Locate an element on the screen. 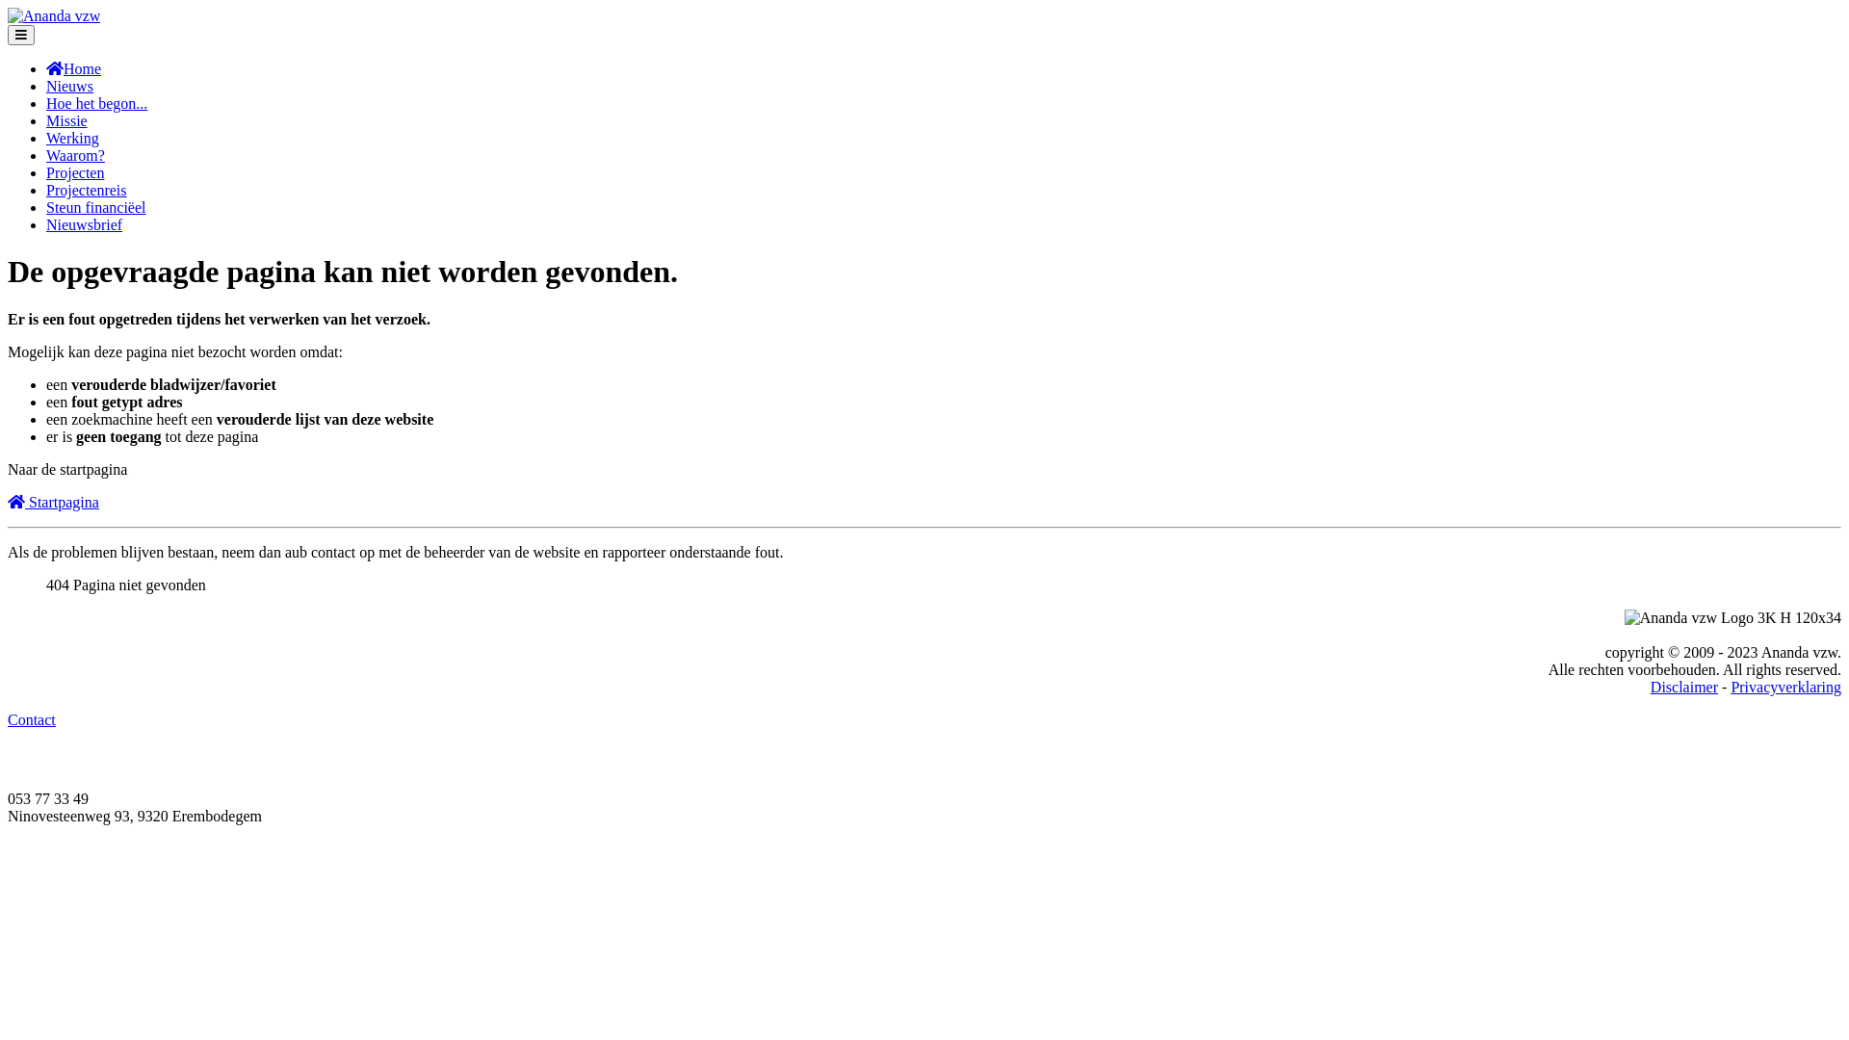  'Privacyverklaring' is located at coordinates (1730, 686).